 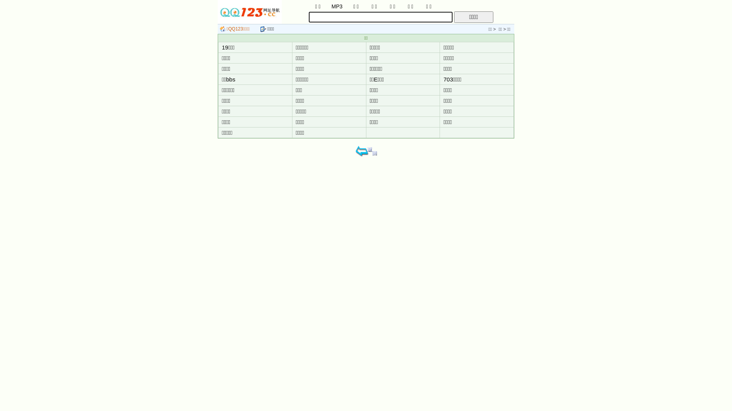 What do you see at coordinates (336, 6) in the screenshot?
I see `'MP3'` at bounding box center [336, 6].